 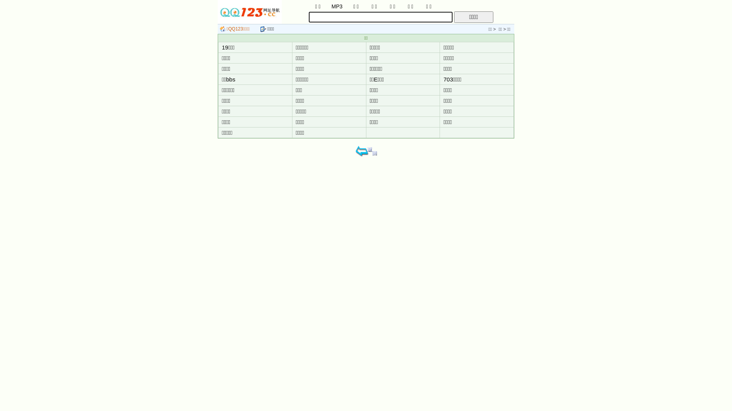 What do you see at coordinates (336, 6) in the screenshot?
I see `'MP3'` at bounding box center [336, 6].